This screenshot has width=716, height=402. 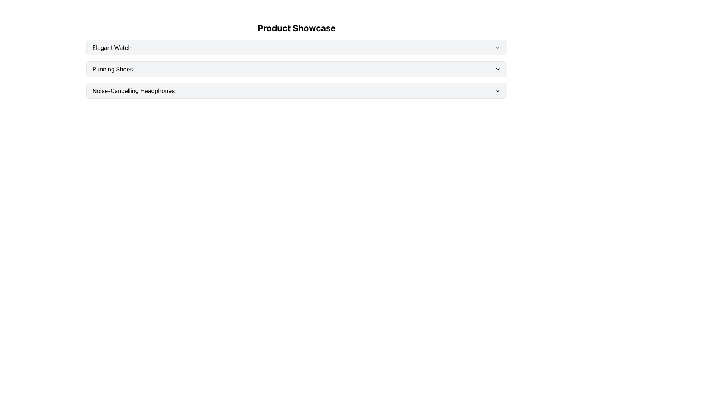 I want to click on the Dropdown Trigger for 'Elegant Watch' located under 'Product Showcase', so click(x=296, y=47).